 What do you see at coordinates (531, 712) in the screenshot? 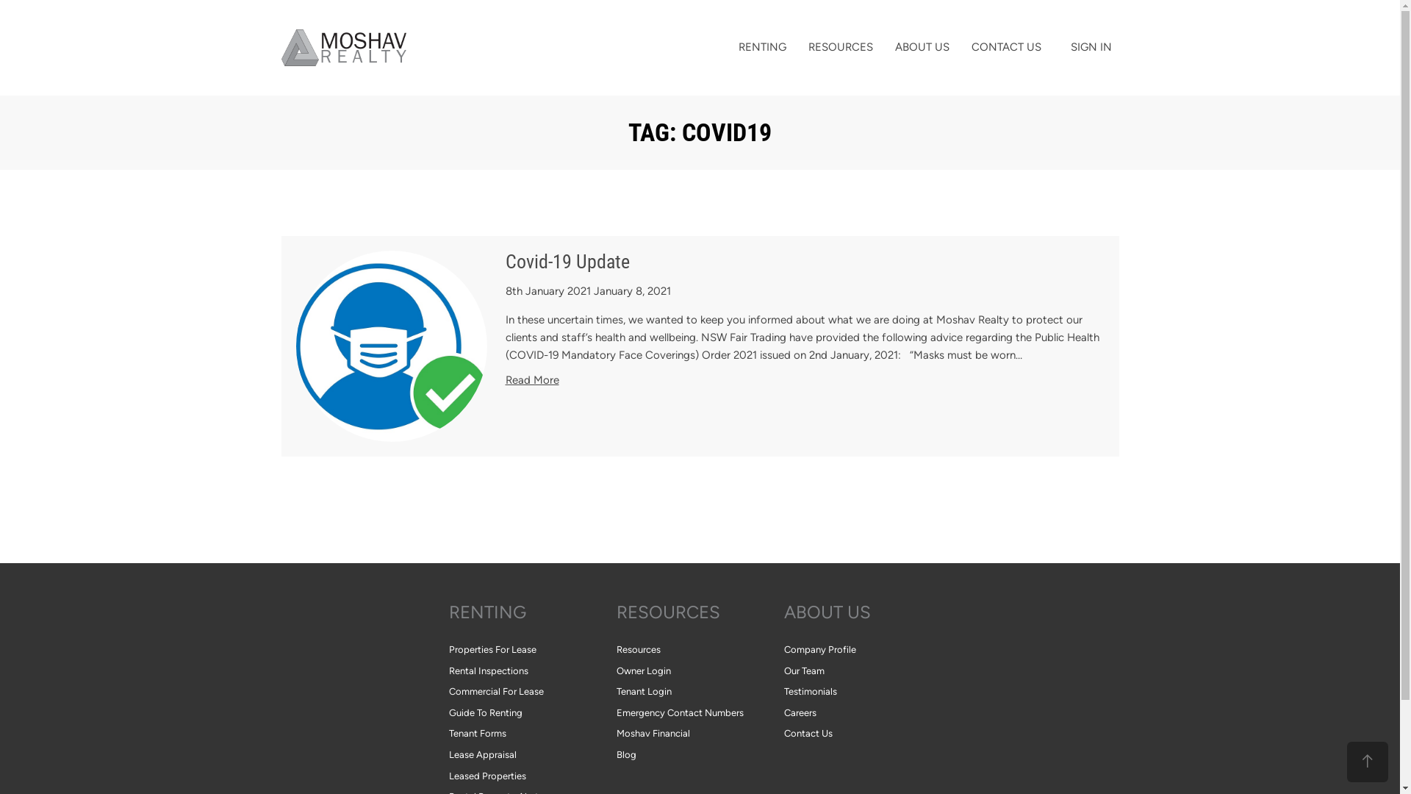
I see `'Guide To Renting'` at bounding box center [531, 712].